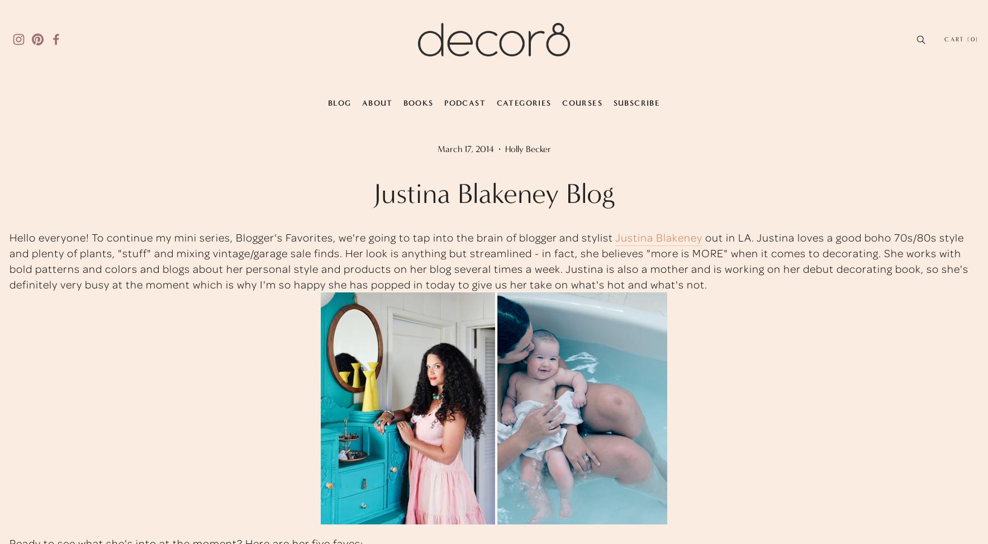 The width and height of the screenshot is (988, 544). Describe the element at coordinates (582, 102) in the screenshot. I see `'courses'` at that location.